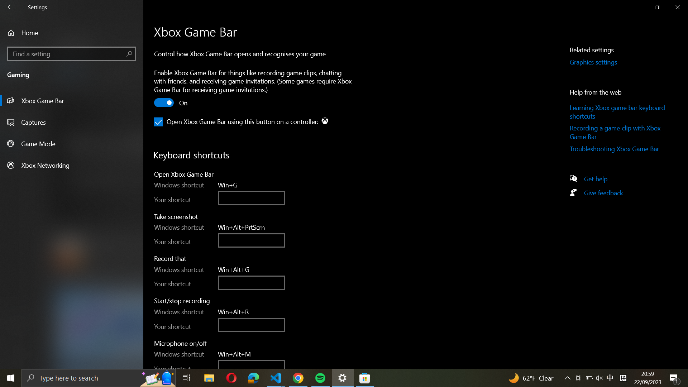 This screenshot has width=688, height=387. What do you see at coordinates (599, 194) in the screenshot?
I see `the page for providing feedback` at bounding box center [599, 194].